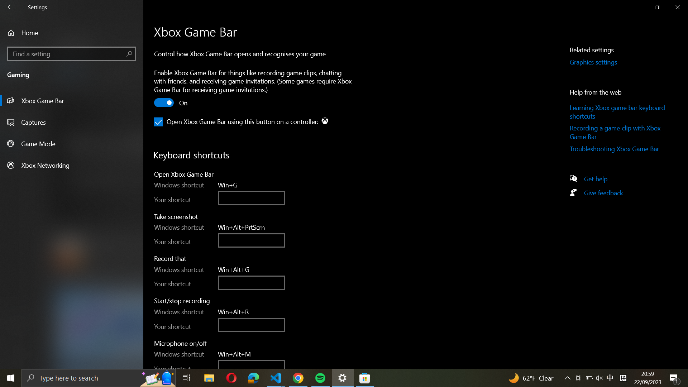 This screenshot has width=688, height=387. What do you see at coordinates (599, 194) in the screenshot?
I see `the page for providing feedback` at bounding box center [599, 194].